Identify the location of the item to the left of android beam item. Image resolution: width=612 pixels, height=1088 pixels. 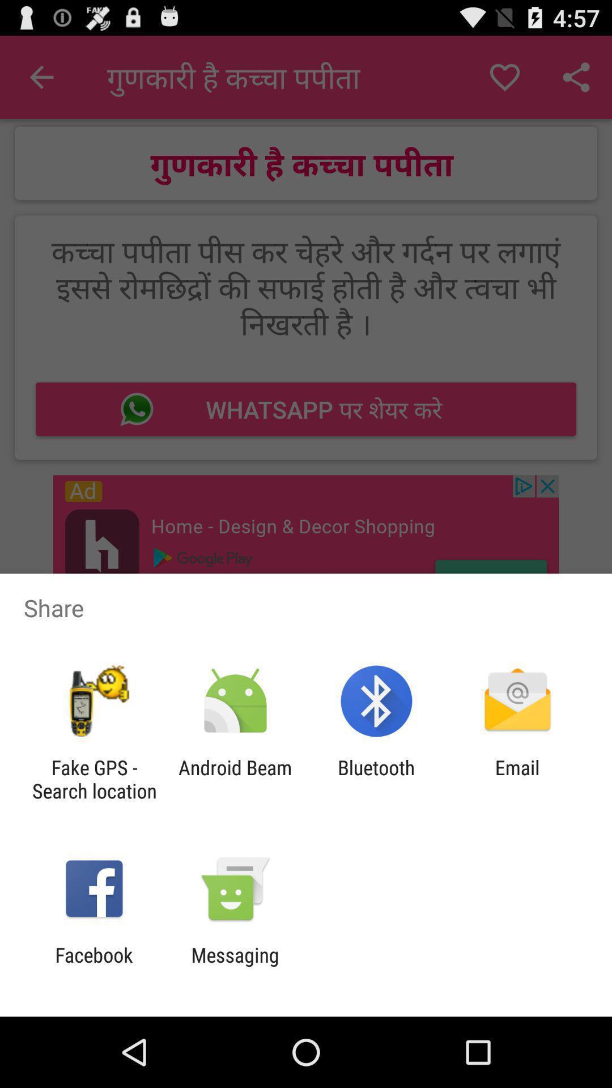
(93, 779).